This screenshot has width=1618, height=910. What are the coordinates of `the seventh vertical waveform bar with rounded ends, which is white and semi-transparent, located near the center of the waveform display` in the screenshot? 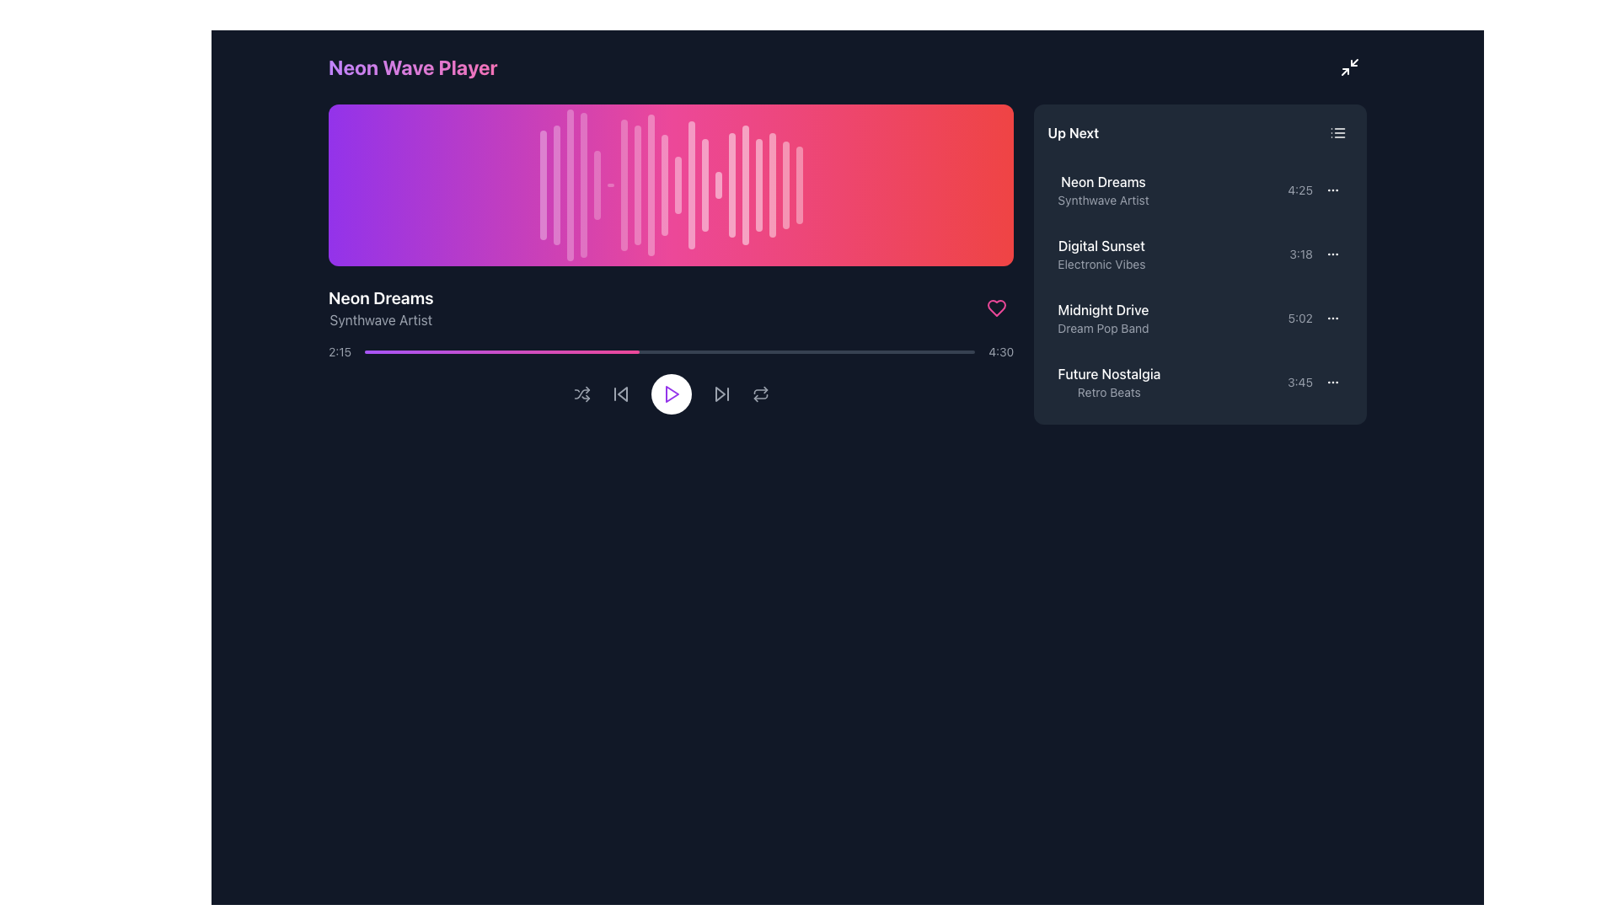 It's located at (623, 185).